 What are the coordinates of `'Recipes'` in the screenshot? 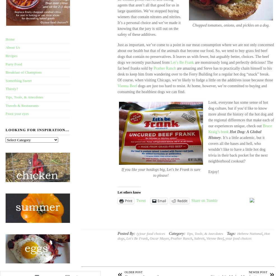 It's located at (6, 55).